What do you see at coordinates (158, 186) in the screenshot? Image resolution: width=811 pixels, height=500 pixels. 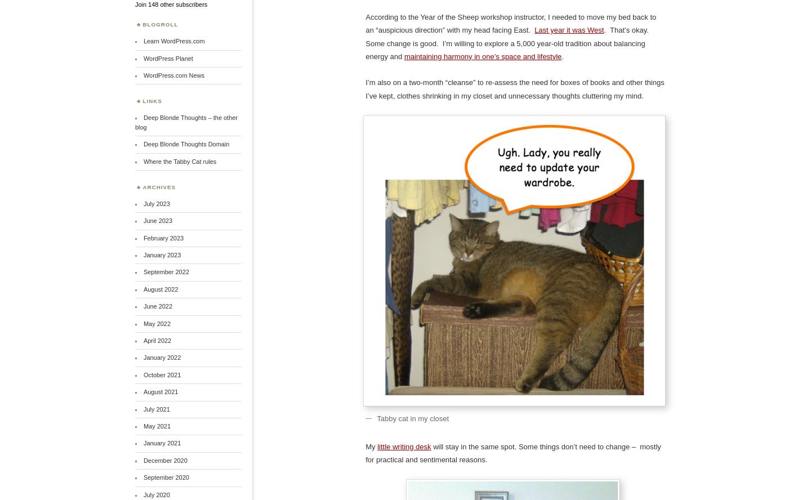 I see `'Archives'` at bounding box center [158, 186].